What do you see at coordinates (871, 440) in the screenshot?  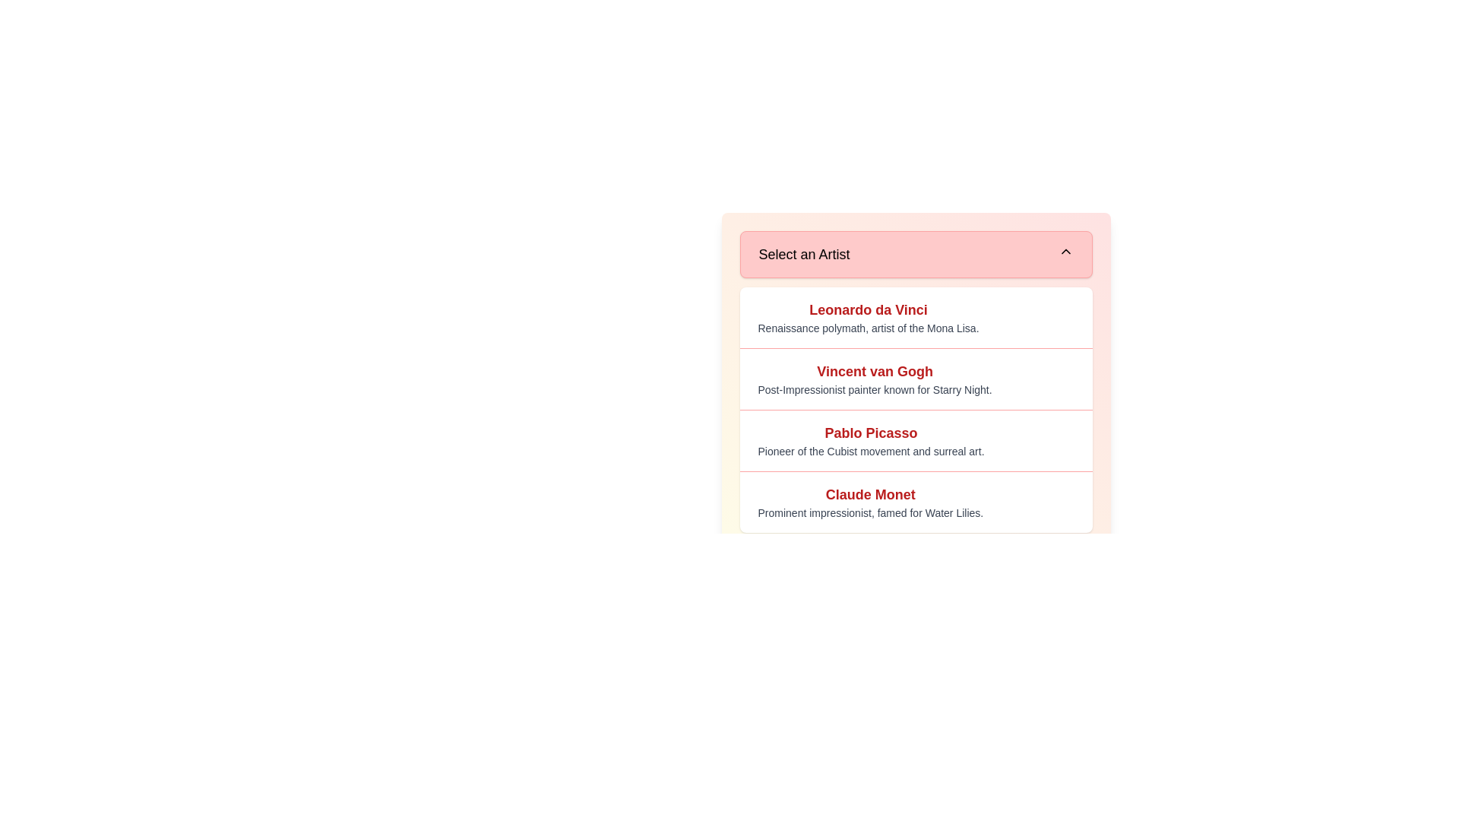 I see `the List item displaying 'Pablo Picasso', which is the third item in the dropdown list titled 'Select an Artist'` at bounding box center [871, 440].